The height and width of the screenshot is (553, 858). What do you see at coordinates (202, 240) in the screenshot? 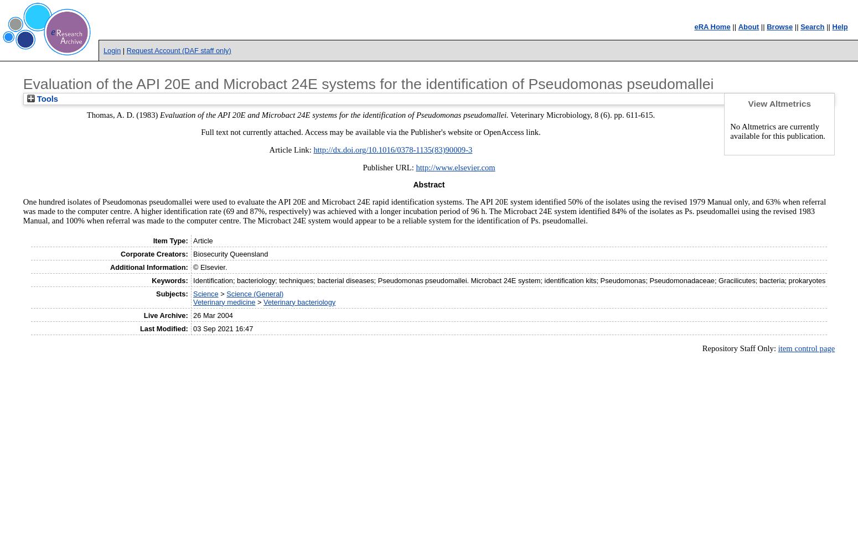
I see `'Article'` at bounding box center [202, 240].